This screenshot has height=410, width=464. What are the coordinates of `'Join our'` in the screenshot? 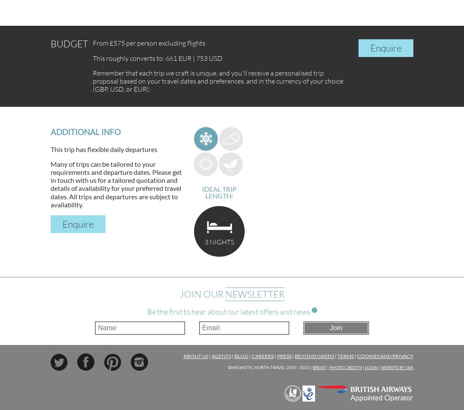 It's located at (202, 293).